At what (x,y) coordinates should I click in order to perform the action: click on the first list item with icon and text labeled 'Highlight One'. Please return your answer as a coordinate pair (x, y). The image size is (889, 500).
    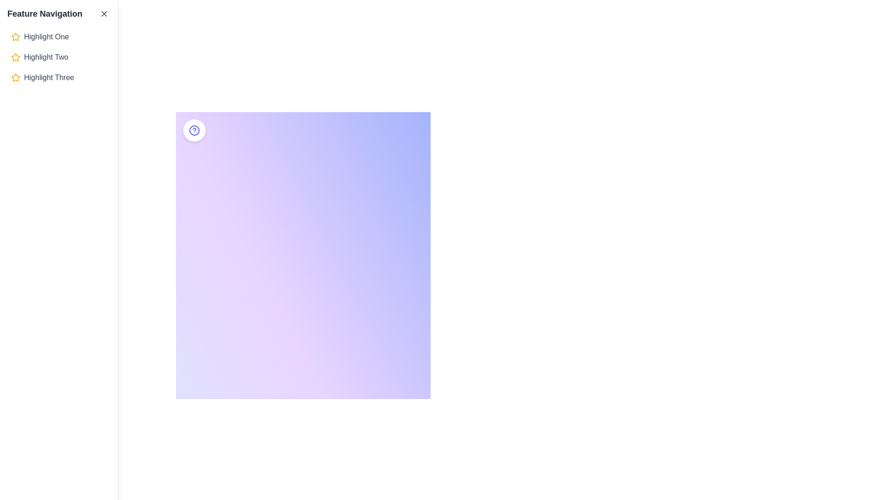
    Looking at the image, I should click on (58, 37).